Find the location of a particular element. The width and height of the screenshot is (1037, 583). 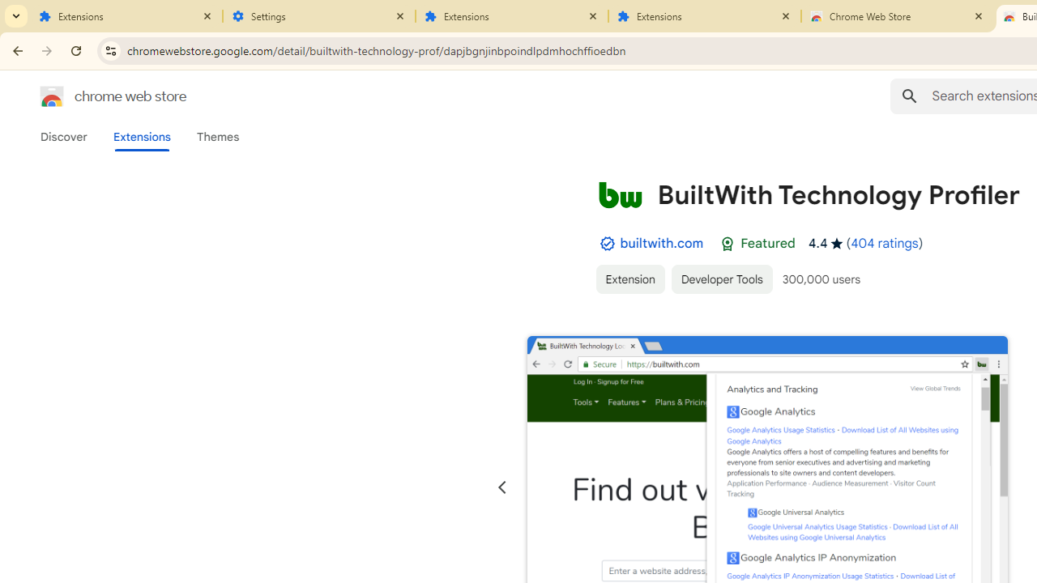

'Settings' is located at coordinates (319, 16).